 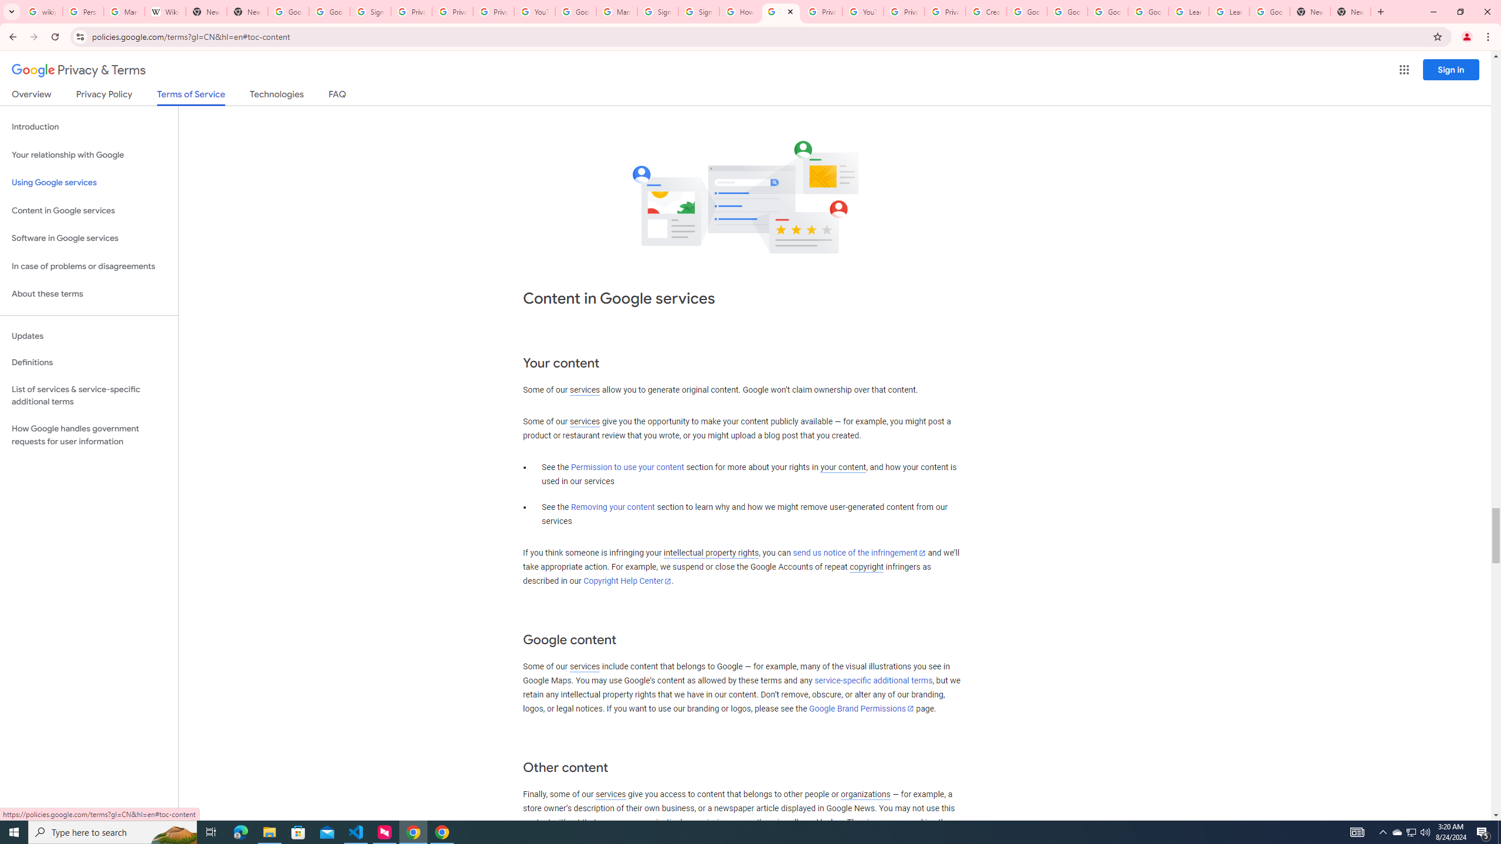 I want to click on 'service-specific additional terms', so click(x=872, y=680).